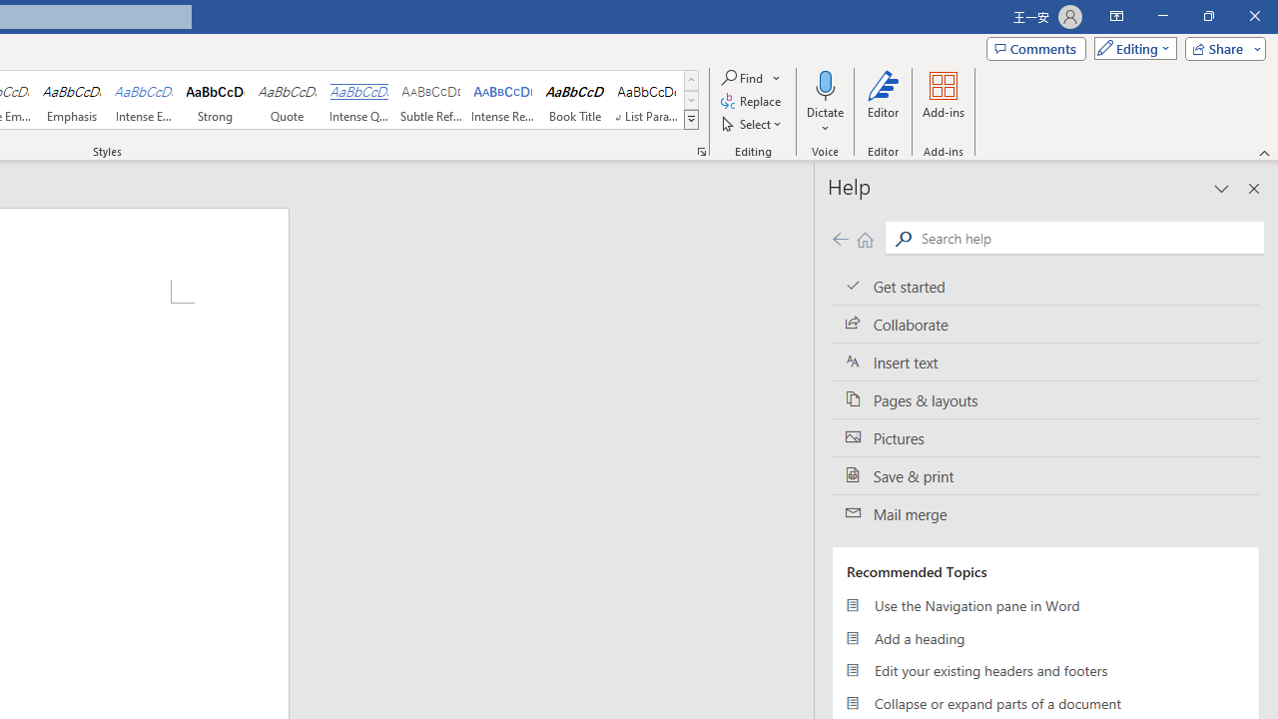 The width and height of the screenshot is (1278, 719). Describe the element at coordinates (1044, 476) in the screenshot. I see `'Save & print'` at that location.